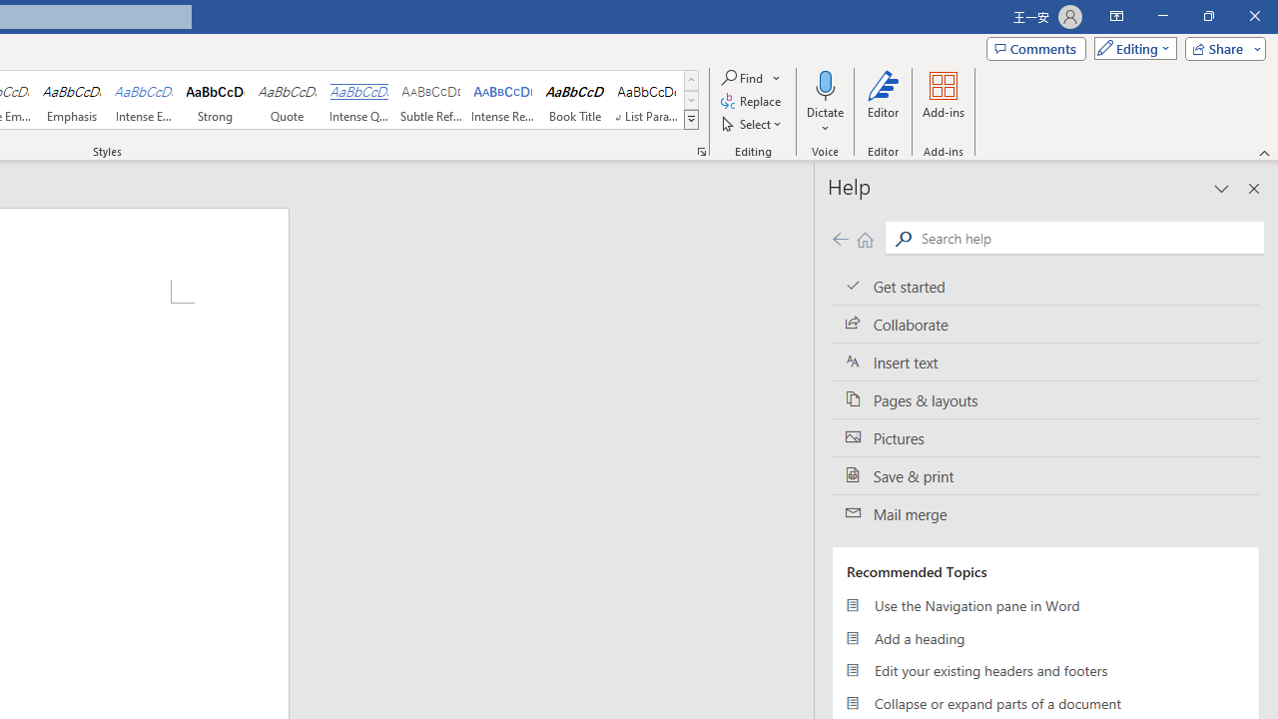 The width and height of the screenshot is (1278, 719). Describe the element at coordinates (1044, 476) in the screenshot. I see `'Save & print'` at that location.